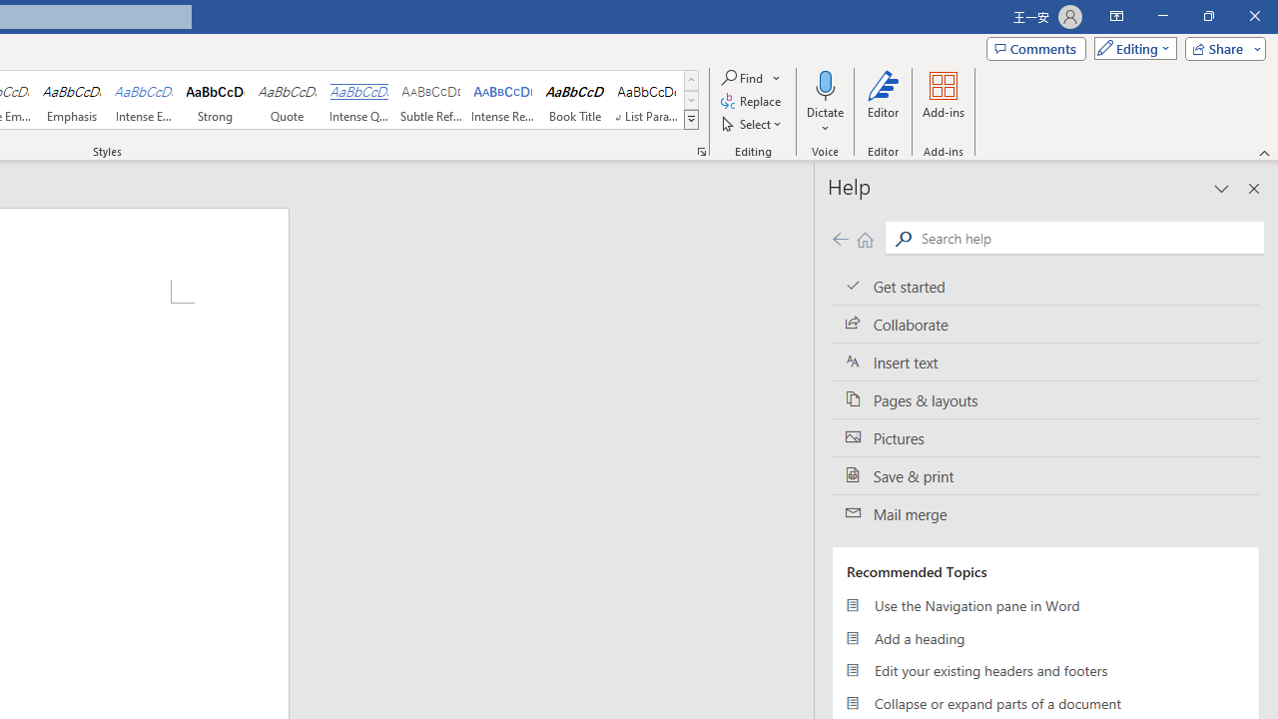 The width and height of the screenshot is (1278, 719). Describe the element at coordinates (1044, 476) in the screenshot. I see `'Save & print'` at that location.